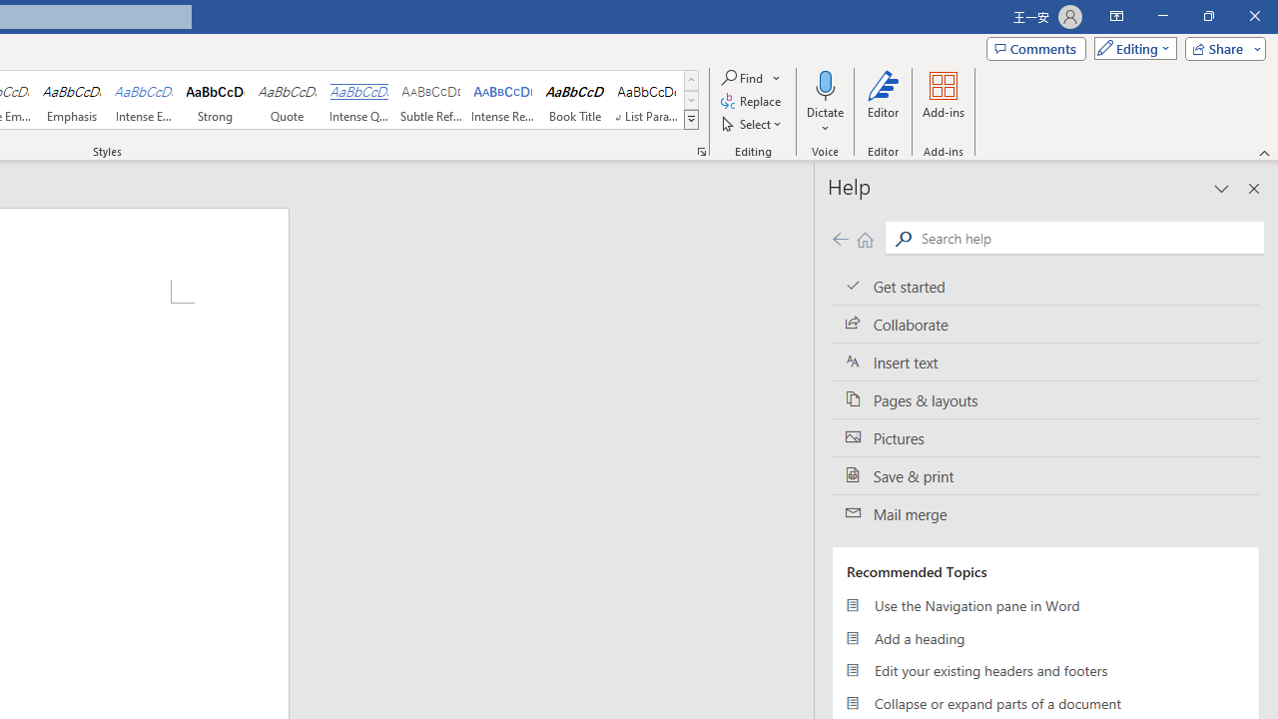 The width and height of the screenshot is (1278, 719). Describe the element at coordinates (1044, 476) in the screenshot. I see `'Save & print'` at that location.